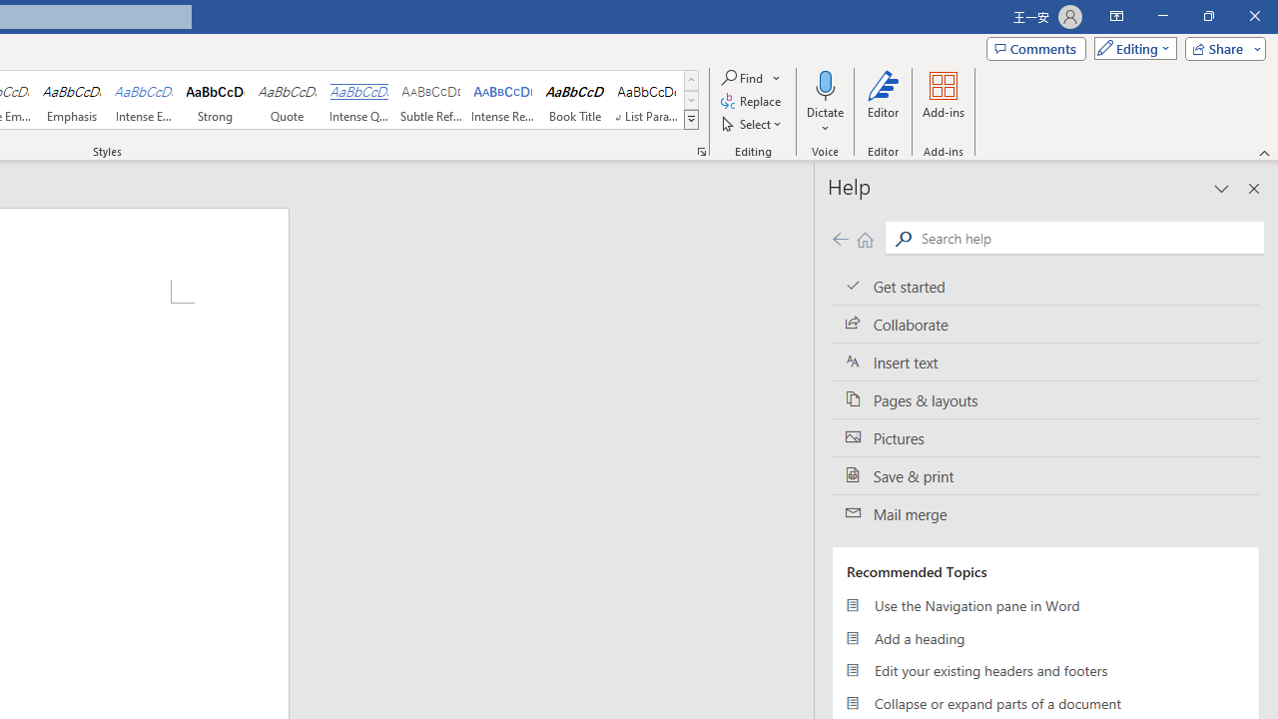 The width and height of the screenshot is (1278, 719). Describe the element at coordinates (1044, 476) in the screenshot. I see `'Save & print'` at that location.